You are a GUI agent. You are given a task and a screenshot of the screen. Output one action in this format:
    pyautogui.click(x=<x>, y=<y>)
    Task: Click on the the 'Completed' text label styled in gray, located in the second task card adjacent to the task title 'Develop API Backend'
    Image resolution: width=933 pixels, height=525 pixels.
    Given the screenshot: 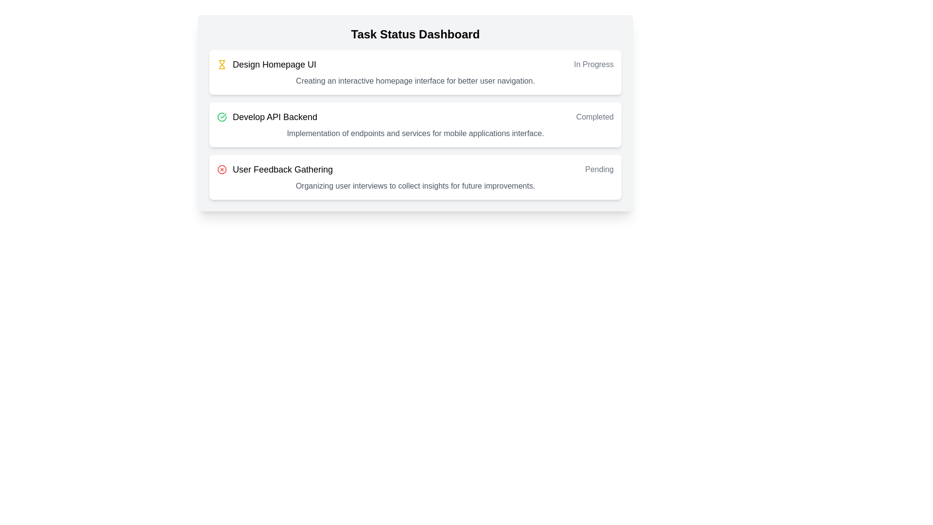 What is the action you would take?
    pyautogui.click(x=594, y=116)
    